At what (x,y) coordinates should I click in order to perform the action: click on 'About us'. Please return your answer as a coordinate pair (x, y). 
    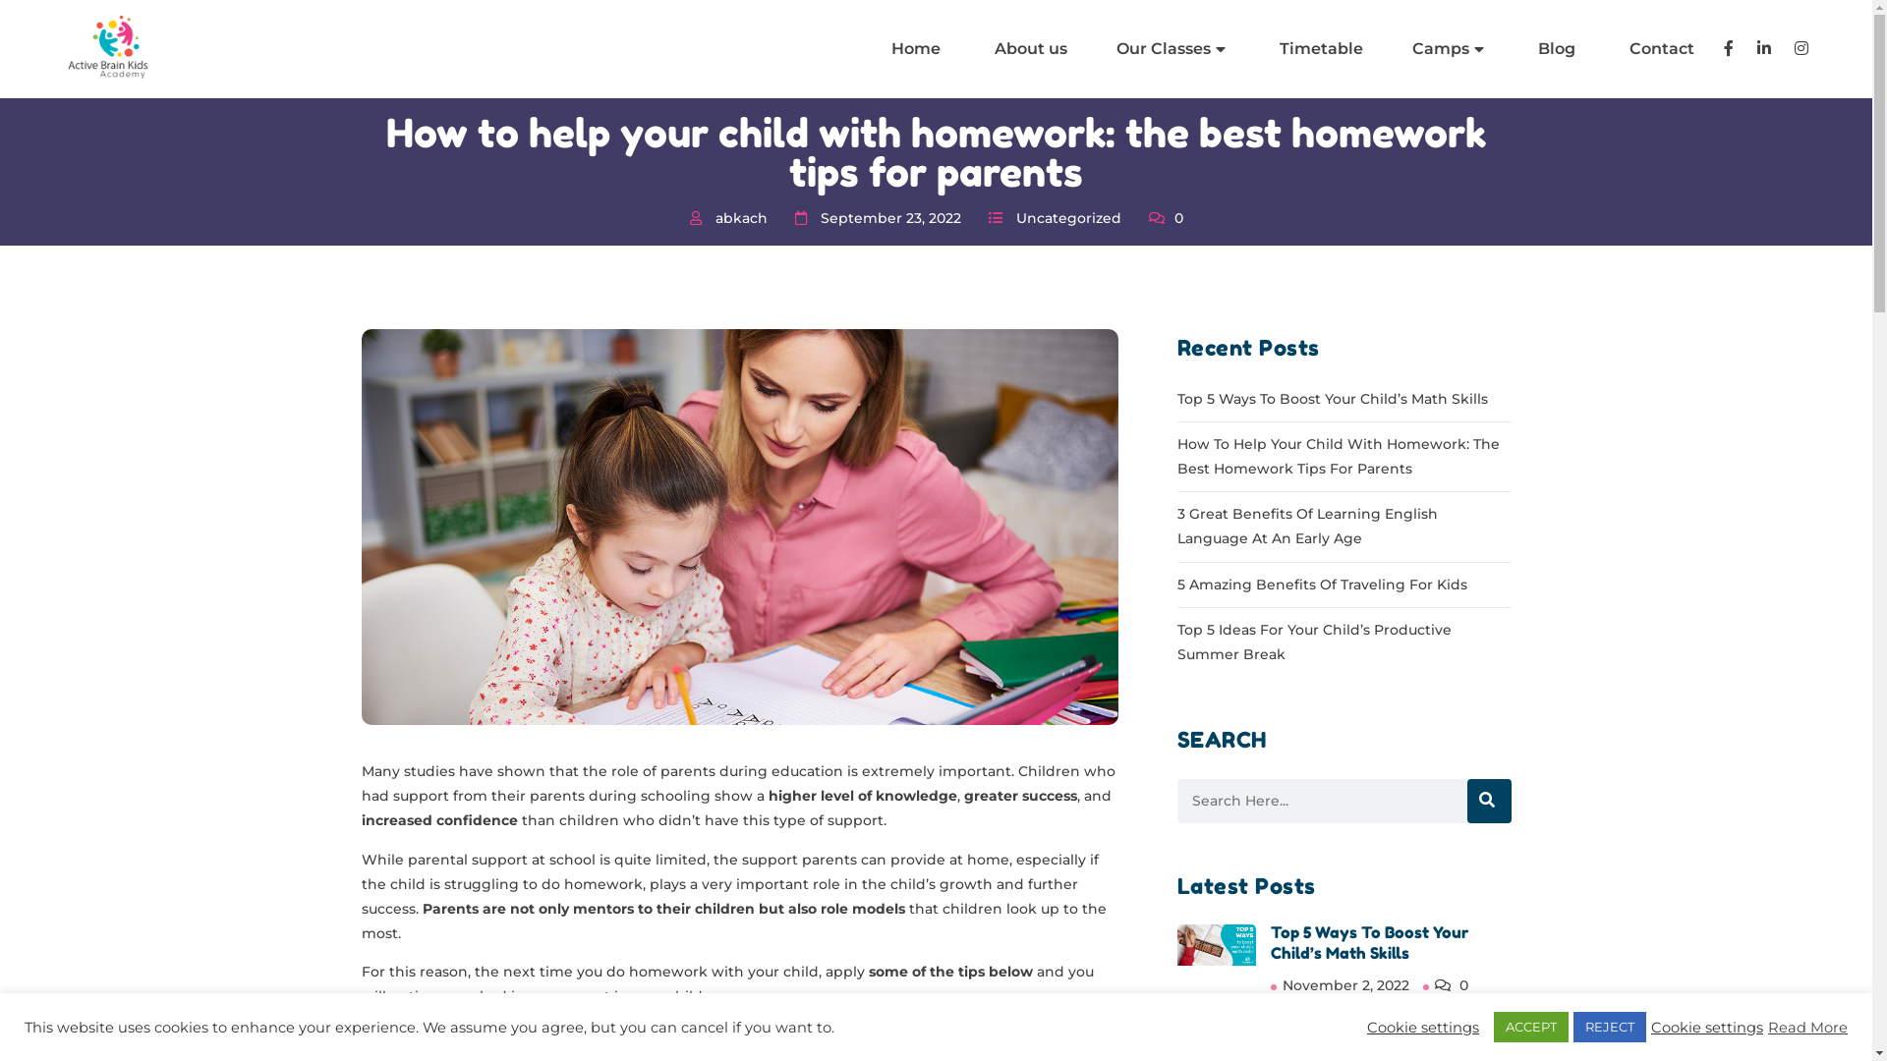
    Looking at the image, I should click on (965, 48).